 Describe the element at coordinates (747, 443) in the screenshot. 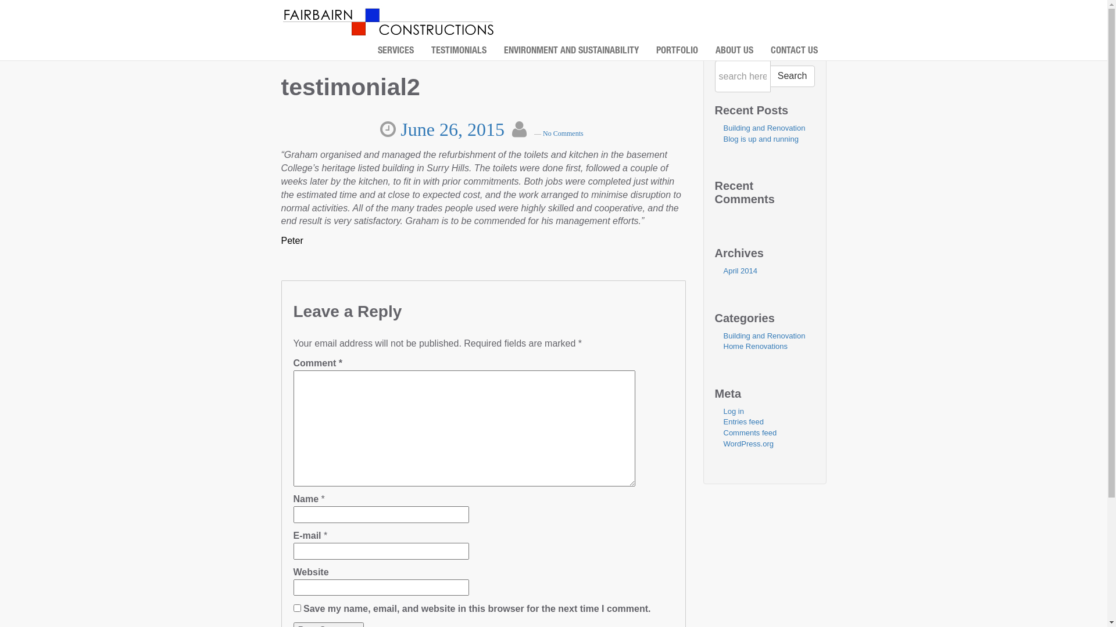

I see `'WordPress.org'` at that location.